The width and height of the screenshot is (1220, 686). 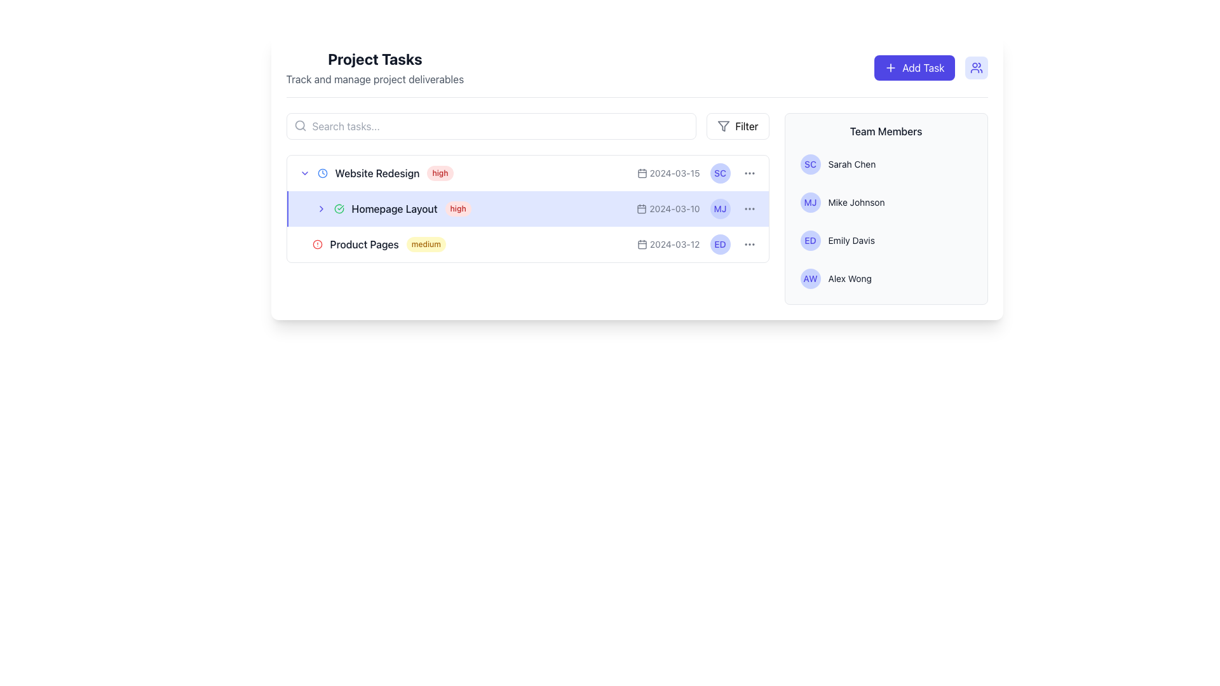 I want to click on the third task row under the 'Project Tasks' heading to focus on its details, so click(x=527, y=245).